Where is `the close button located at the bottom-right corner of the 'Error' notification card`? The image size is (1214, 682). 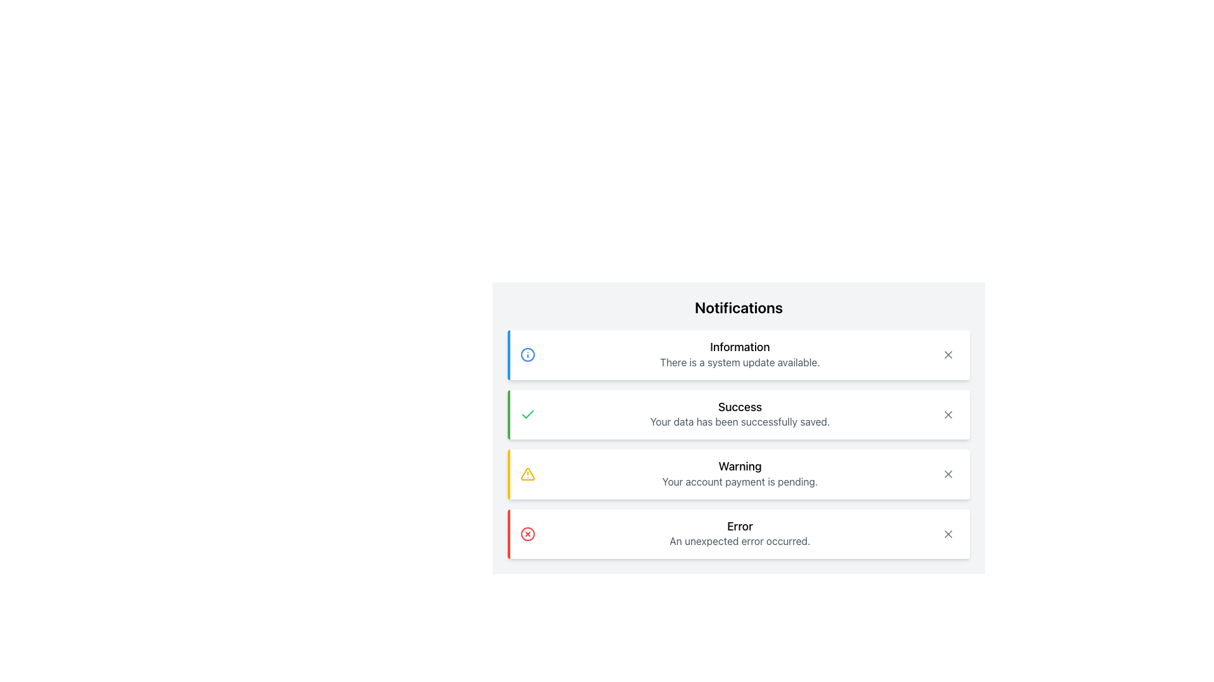
the close button located at the bottom-right corner of the 'Error' notification card is located at coordinates (948, 533).